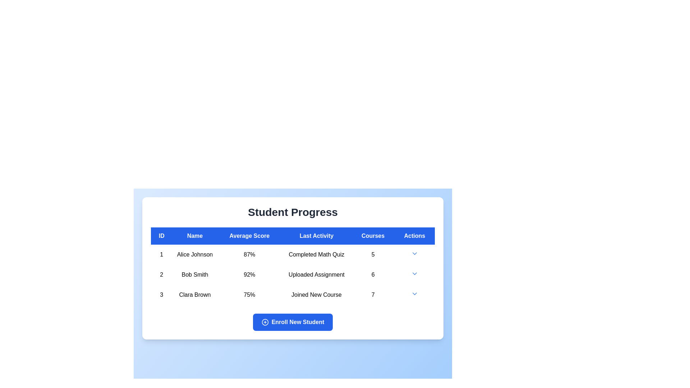 The width and height of the screenshot is (690, 388). I want to click on the dropdown toggle button located in the sixth cell of the second row under the 'Actions' header, so click(414, 274).